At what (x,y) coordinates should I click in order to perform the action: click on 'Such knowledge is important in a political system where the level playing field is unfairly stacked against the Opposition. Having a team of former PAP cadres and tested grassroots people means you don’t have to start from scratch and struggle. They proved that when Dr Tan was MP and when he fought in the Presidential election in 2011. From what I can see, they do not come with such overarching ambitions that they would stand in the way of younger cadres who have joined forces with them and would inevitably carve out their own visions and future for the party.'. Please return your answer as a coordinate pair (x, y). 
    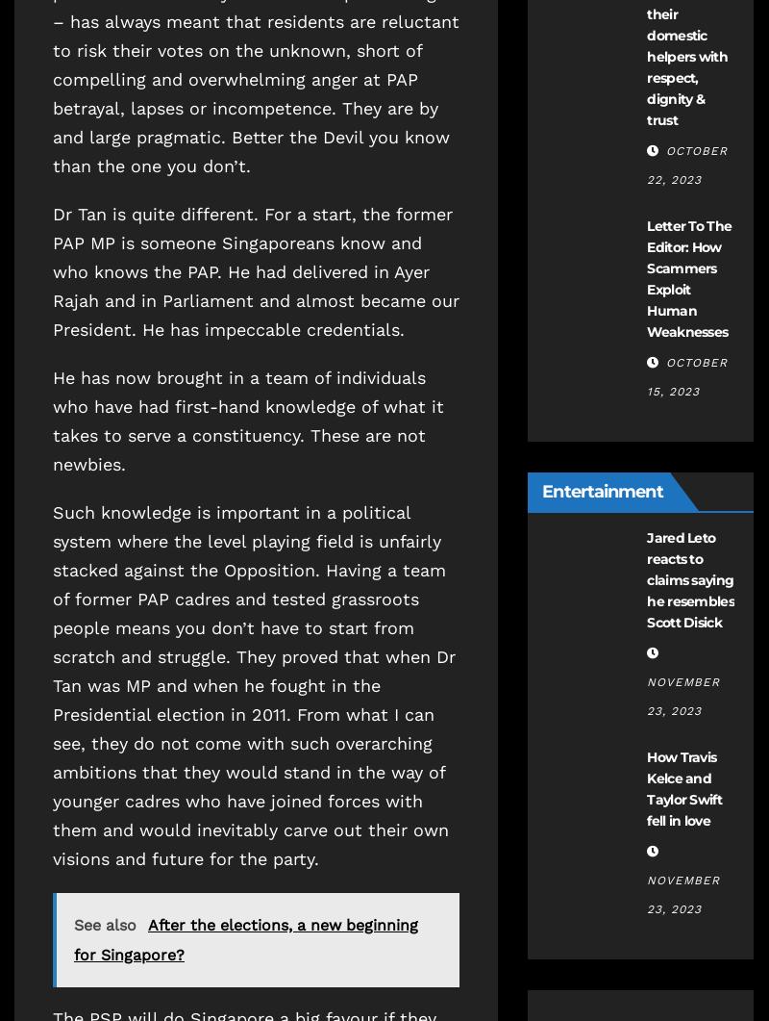
    Looking at the image, I should click on (253, 684).